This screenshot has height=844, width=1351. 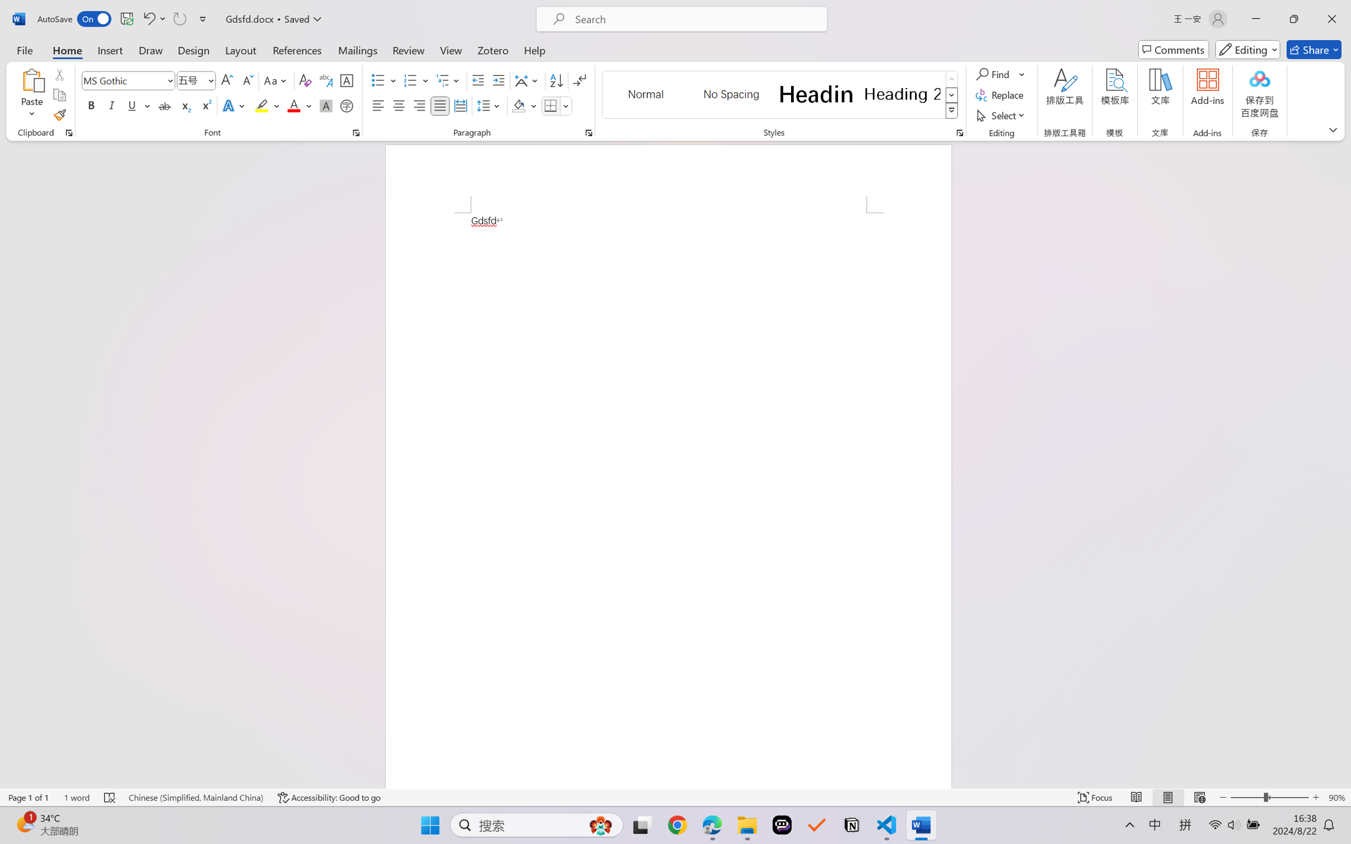 What do you see at coordinates (195, 797) in the screenshot?
I see `'Language Chinese (Simplified, Mainland China)'` at bounding box center [195, 797].